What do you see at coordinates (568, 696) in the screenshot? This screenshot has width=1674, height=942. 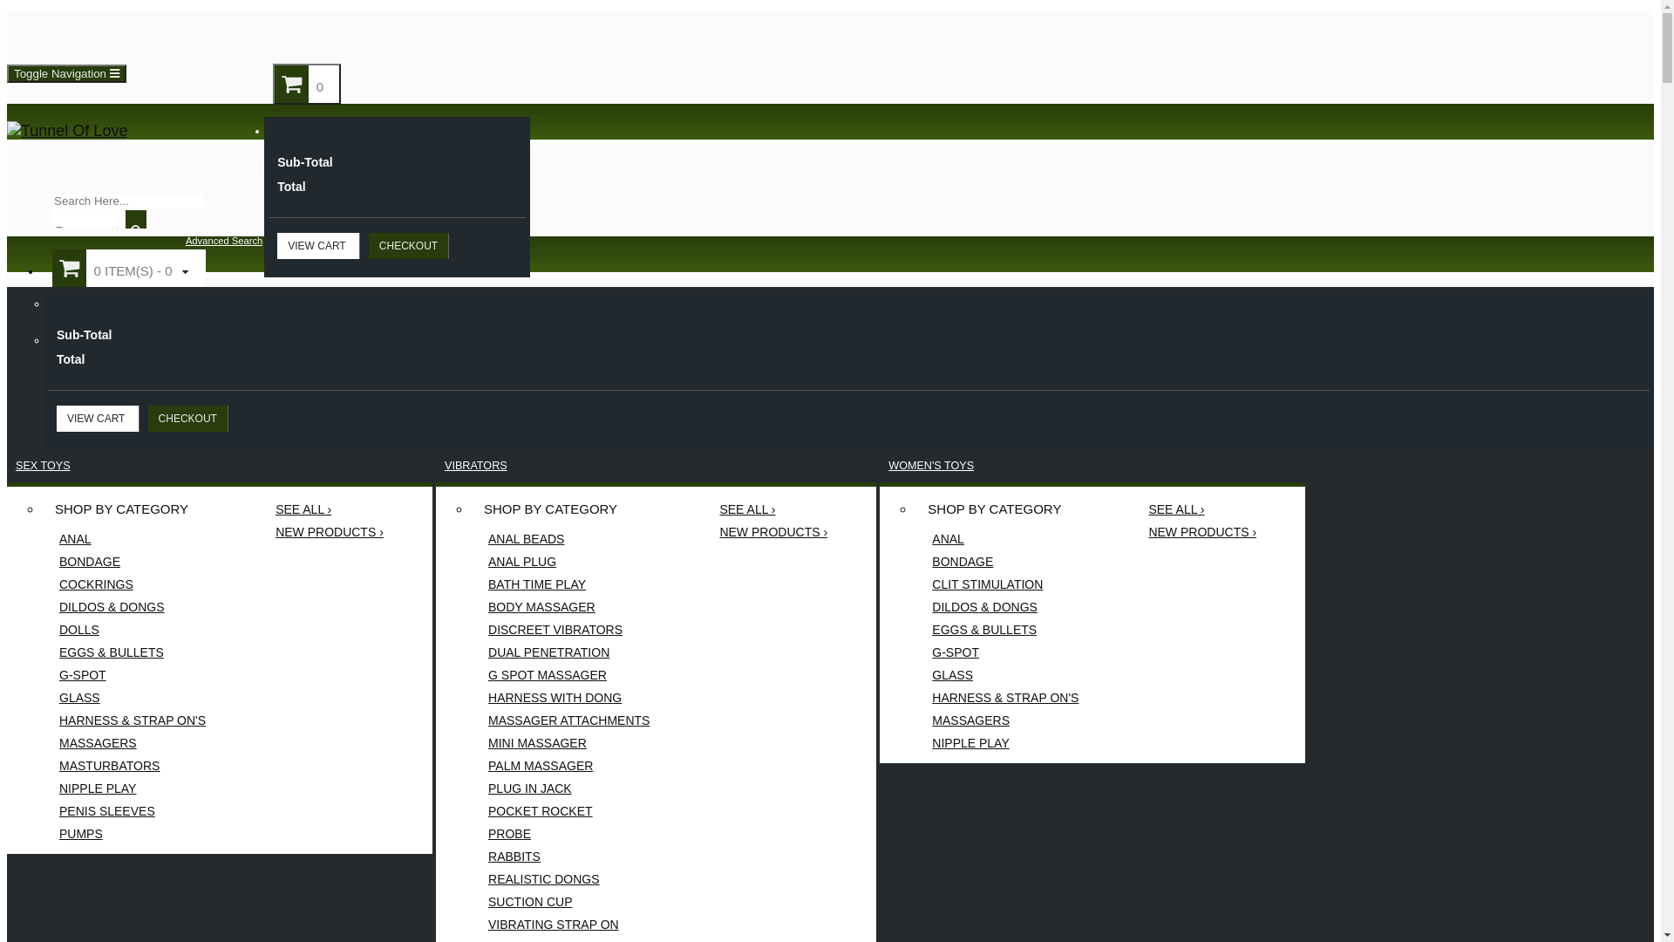 I see `'HARNESS WITH DONG'` at bounding box center [568, 696].